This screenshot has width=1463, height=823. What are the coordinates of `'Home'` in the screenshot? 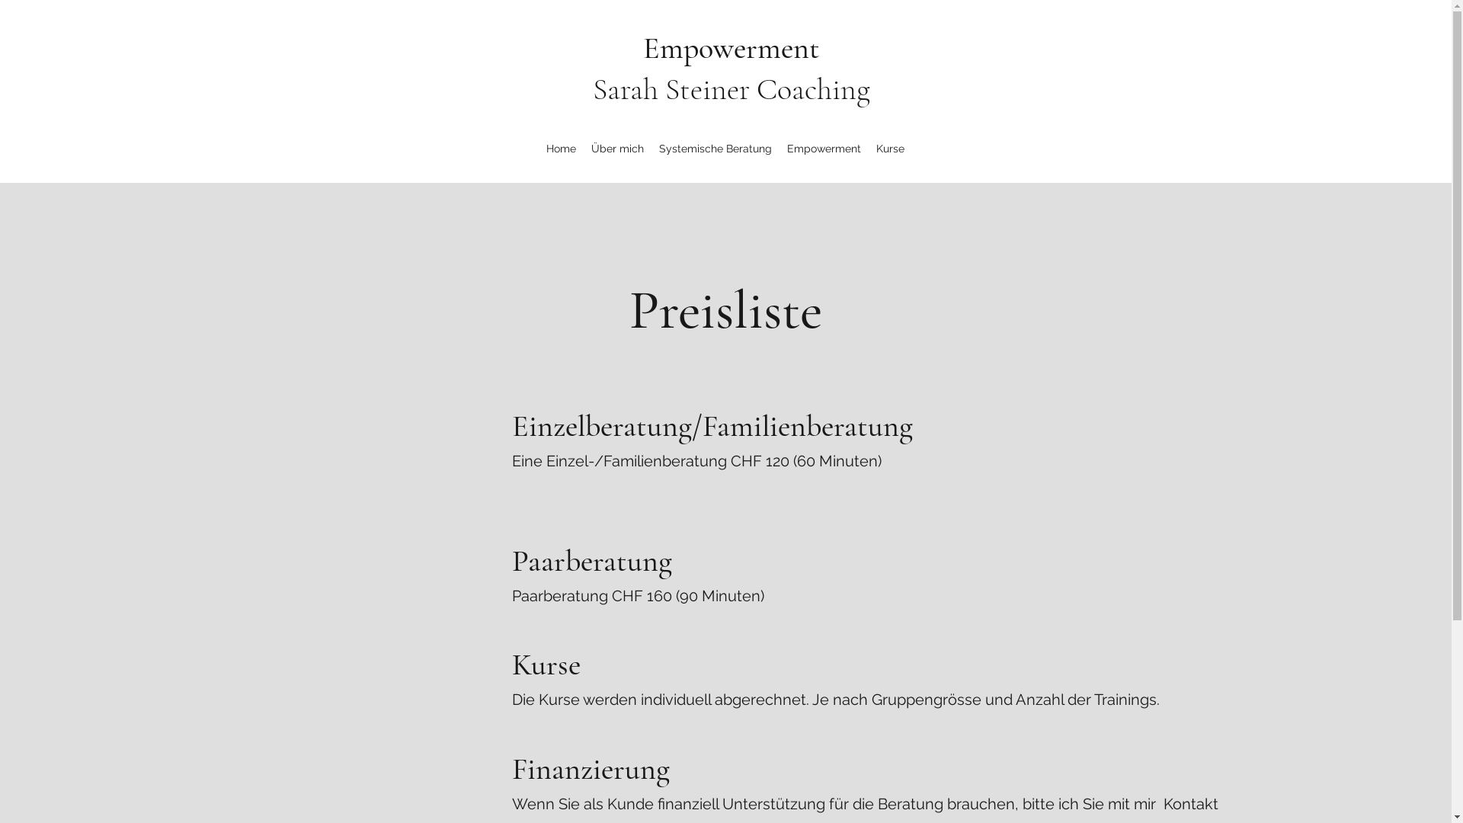 It's located at (560, 149).